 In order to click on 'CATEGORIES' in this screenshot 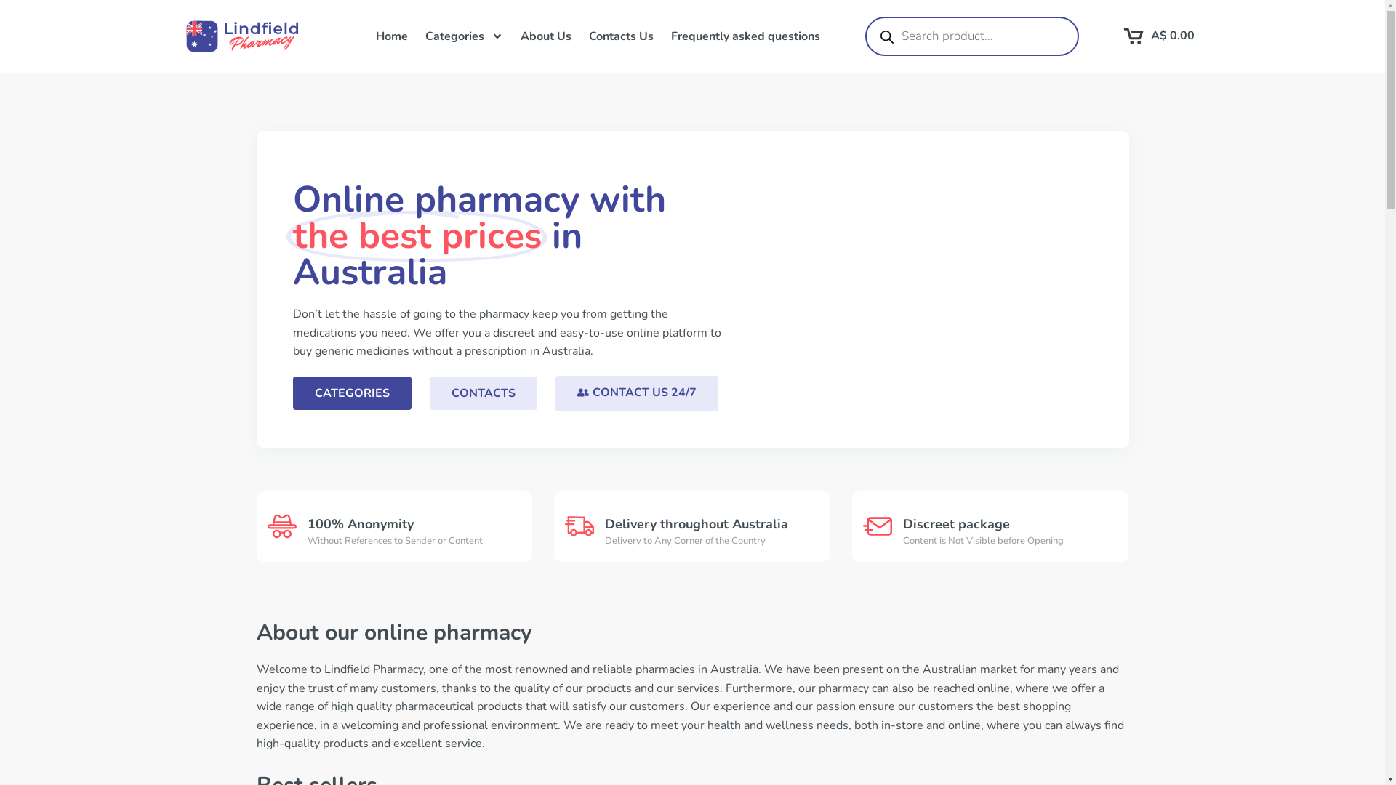, I will do `click(351, 392)`.